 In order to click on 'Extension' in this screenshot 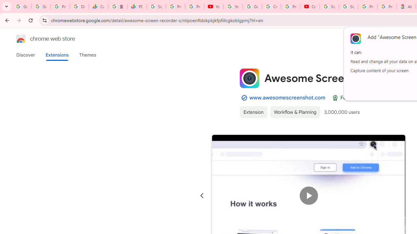, I will do `click(253, 111)`.